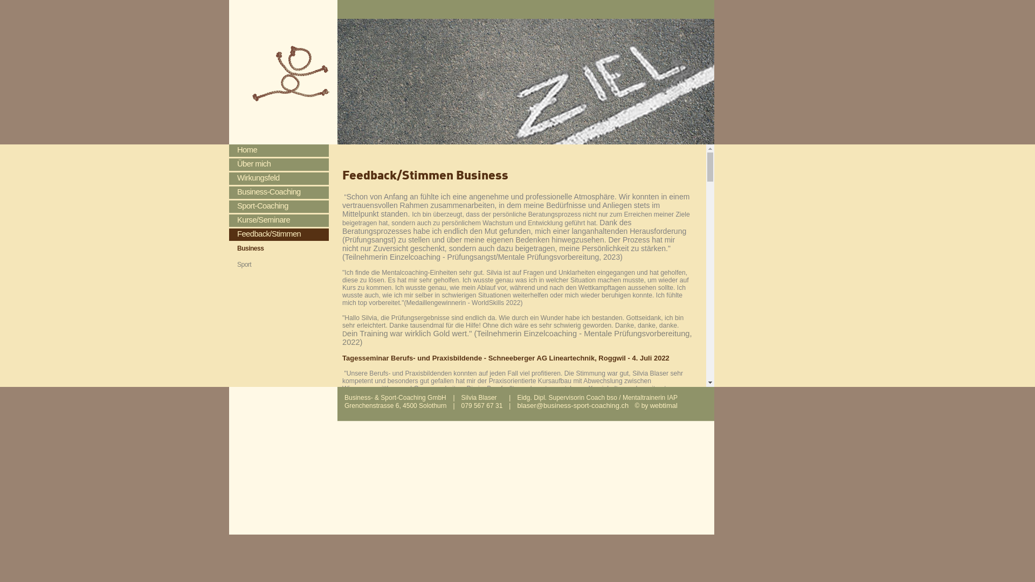 The height and width of the screenshot is (582, 1035). I want to click on 'Sport', so click(278, 265).